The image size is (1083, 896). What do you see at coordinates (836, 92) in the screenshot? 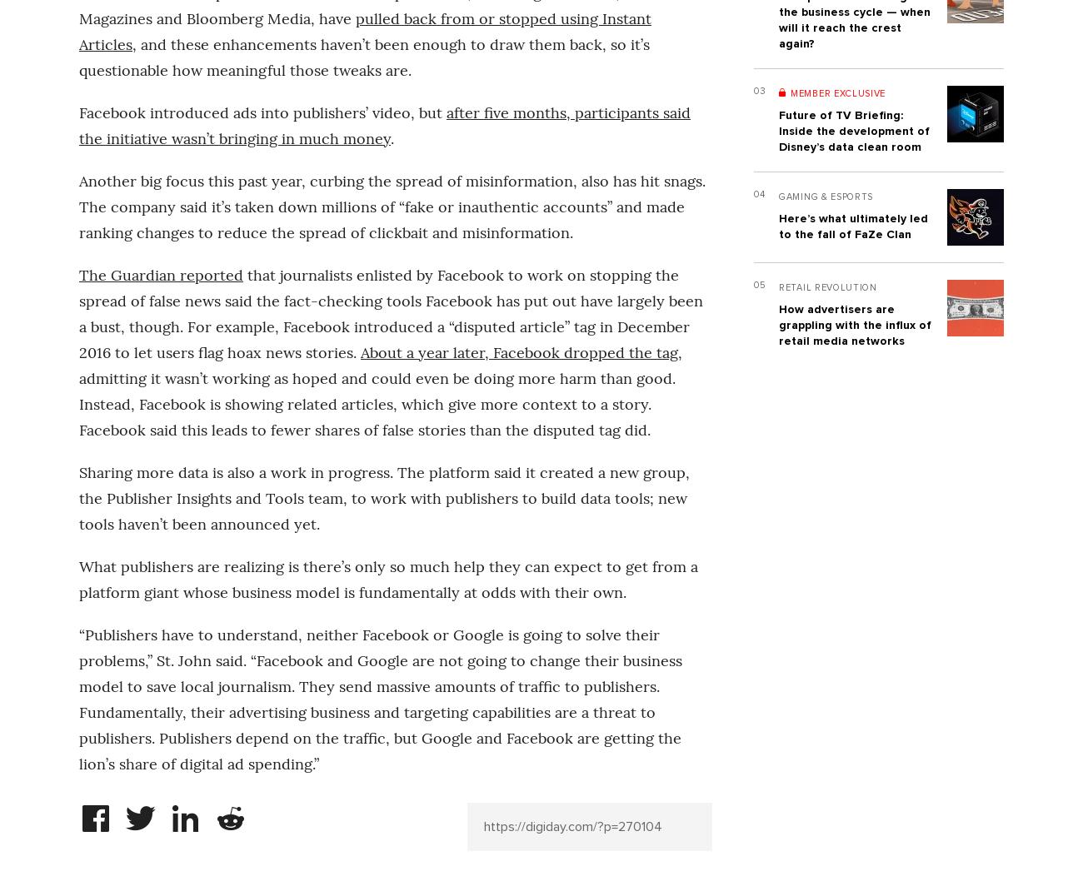
I see `'Member Exclusive'` at bounding box center [836, 92].